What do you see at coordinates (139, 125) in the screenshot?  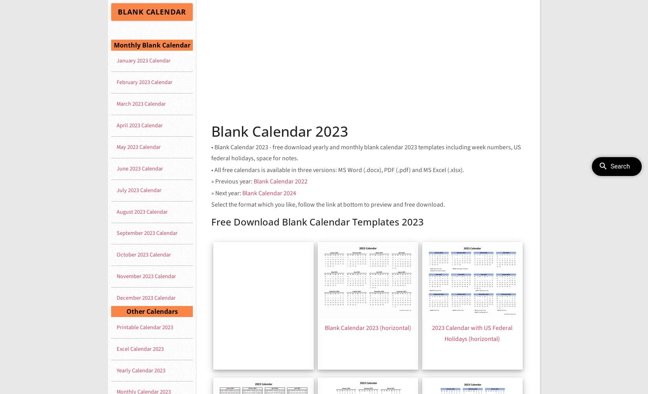 I see `'April 2023 Calendar'` at bounding box center [139, 125].